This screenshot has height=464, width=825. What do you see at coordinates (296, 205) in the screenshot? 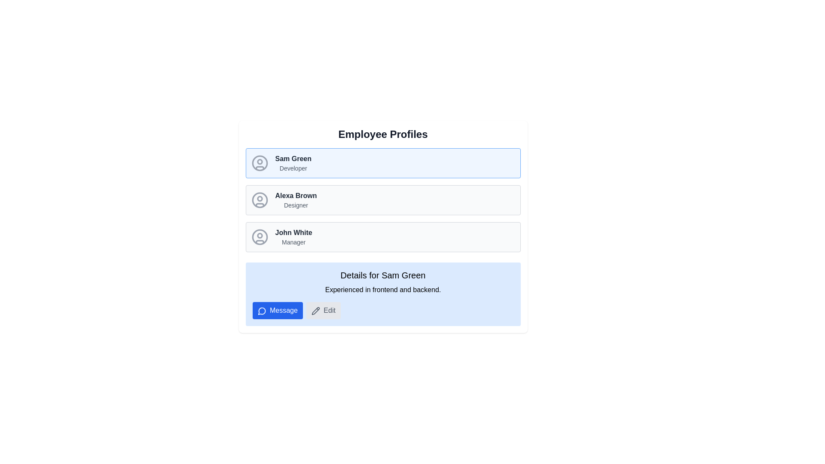
I see `the Text label indicating the role of 'Alexa Brown' as a Designer, which is located below and aligned to the left of 'Alexa Brown' in the second profile card` at bounding box center [296, 205].